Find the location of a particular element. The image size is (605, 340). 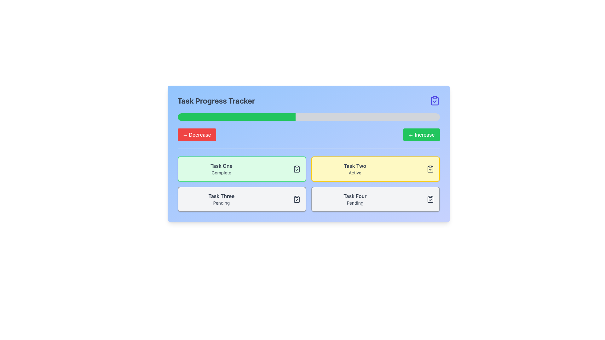

the task details label displaying 'Task Three' and its status 'Pending', located in the third card of the task grid is located at coordinates (221, 199).